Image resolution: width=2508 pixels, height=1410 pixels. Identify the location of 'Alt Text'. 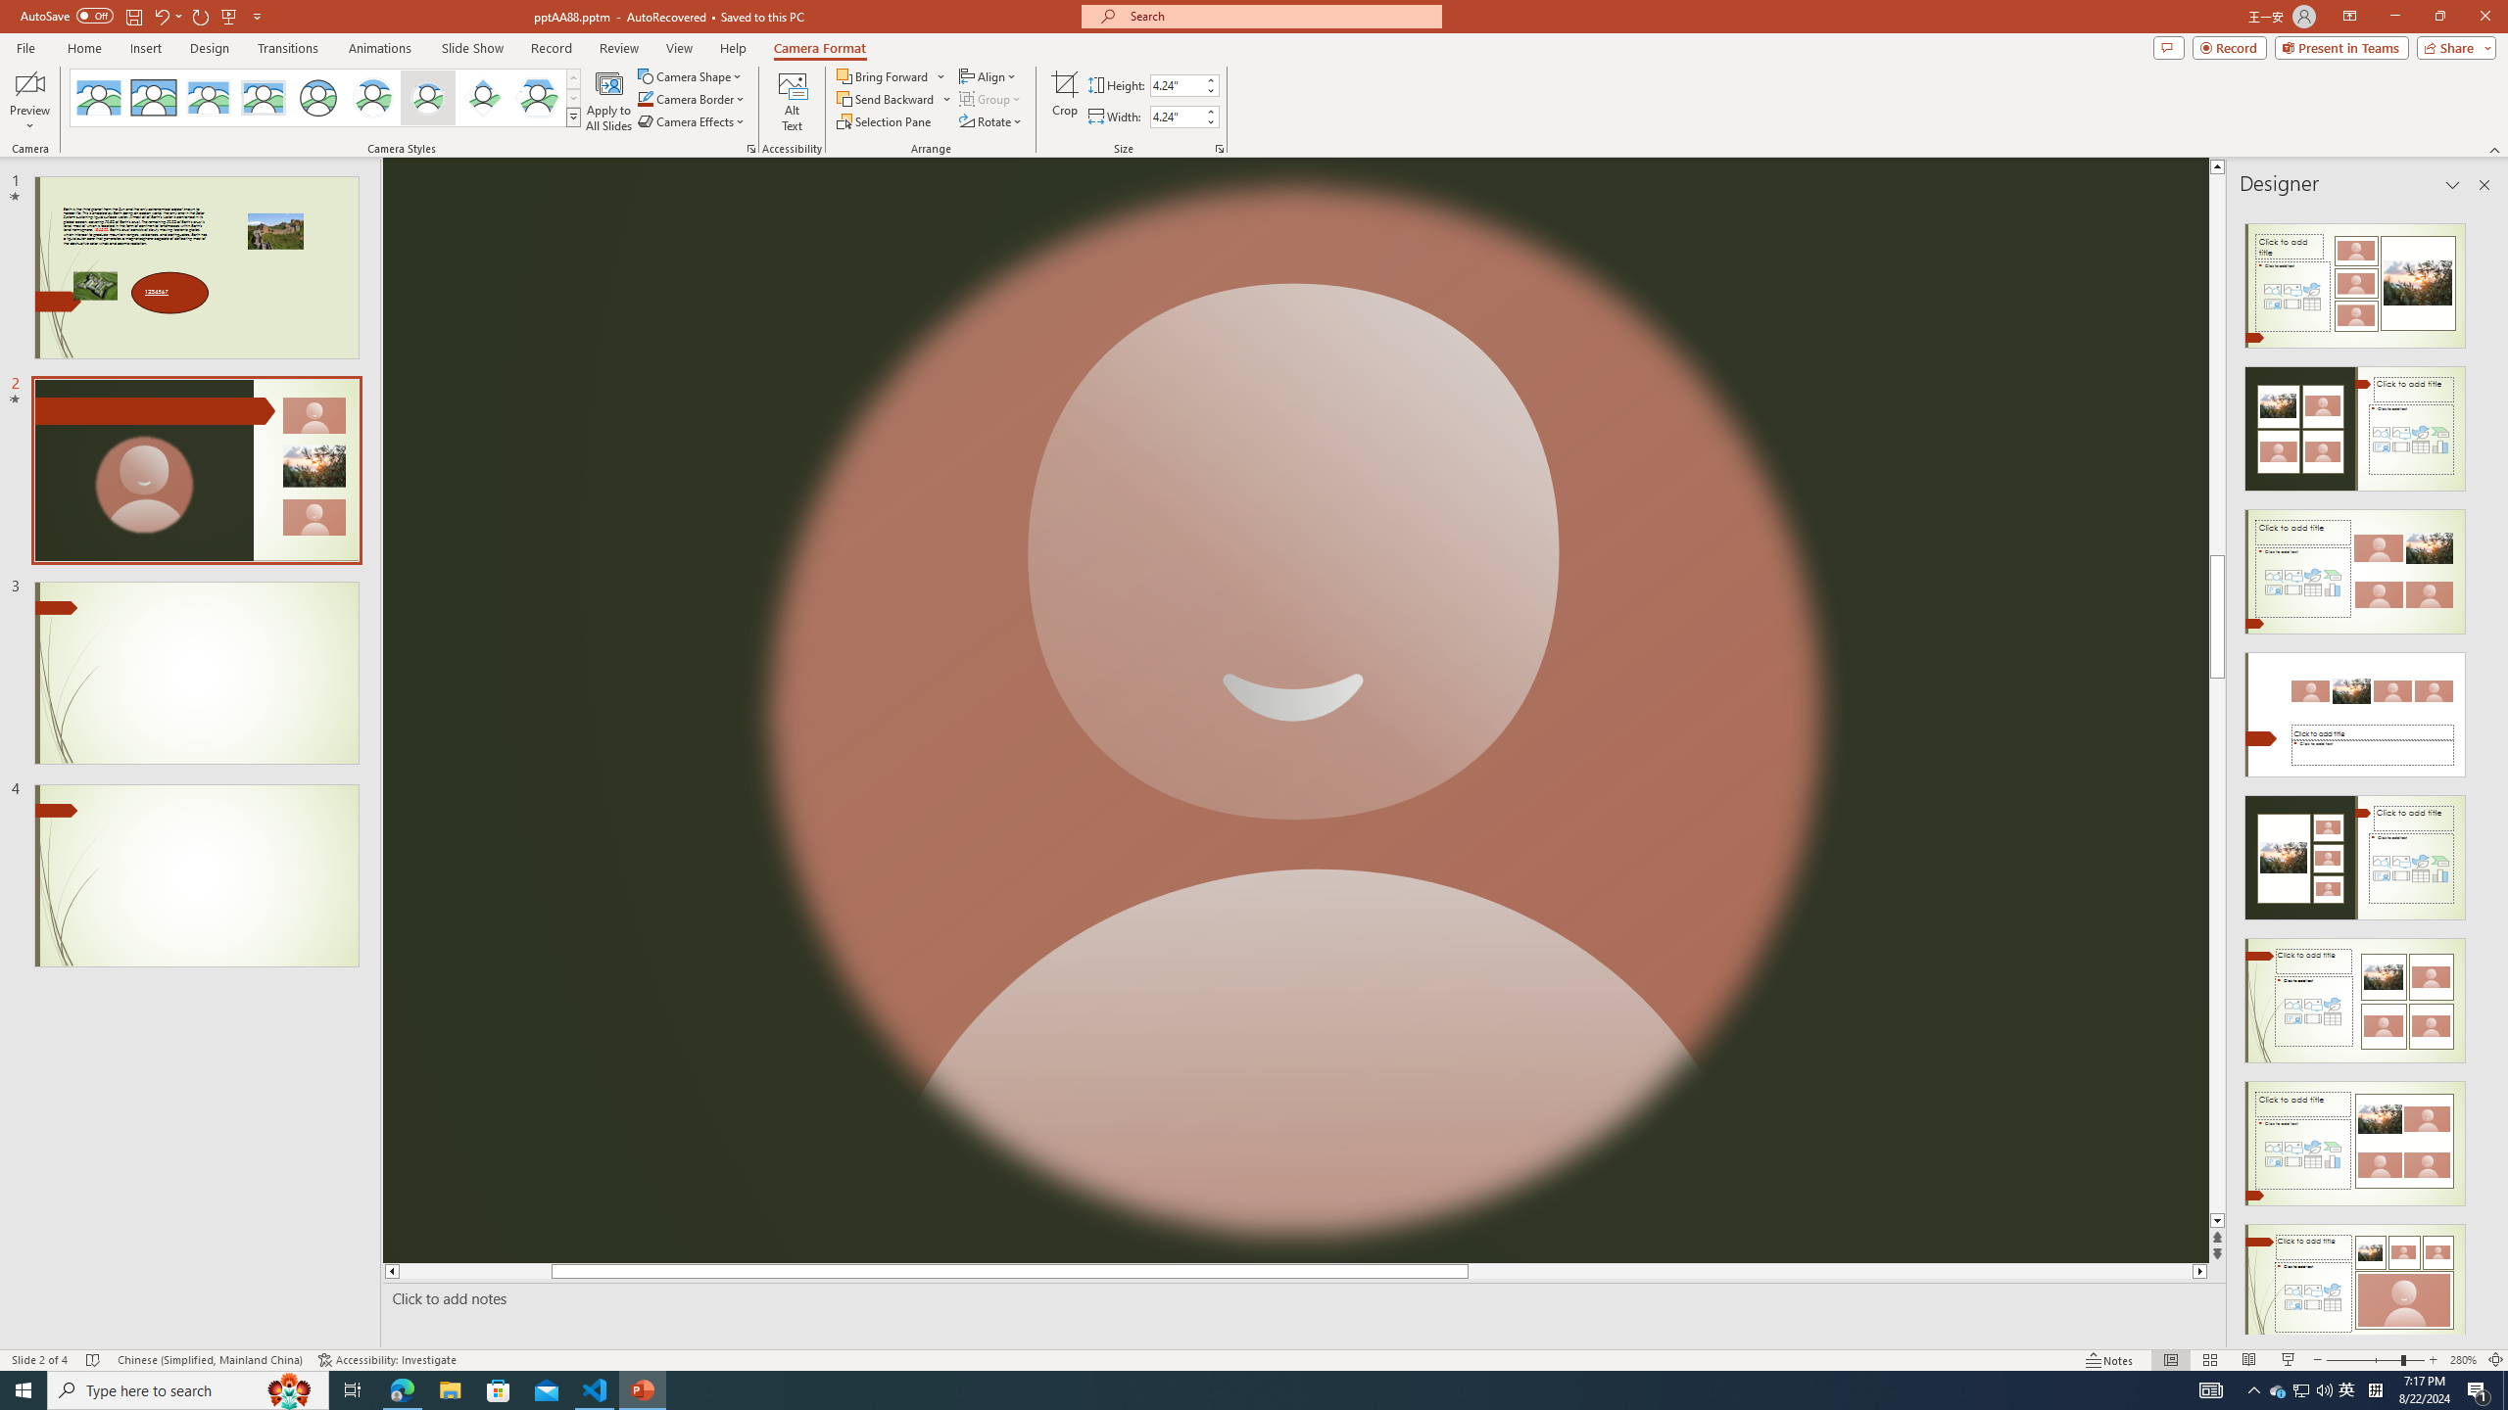
(791, 101).